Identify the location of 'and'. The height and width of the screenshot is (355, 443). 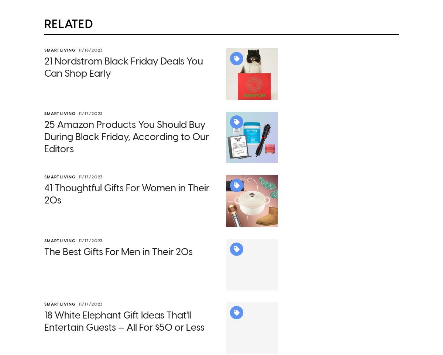
(165, 299).